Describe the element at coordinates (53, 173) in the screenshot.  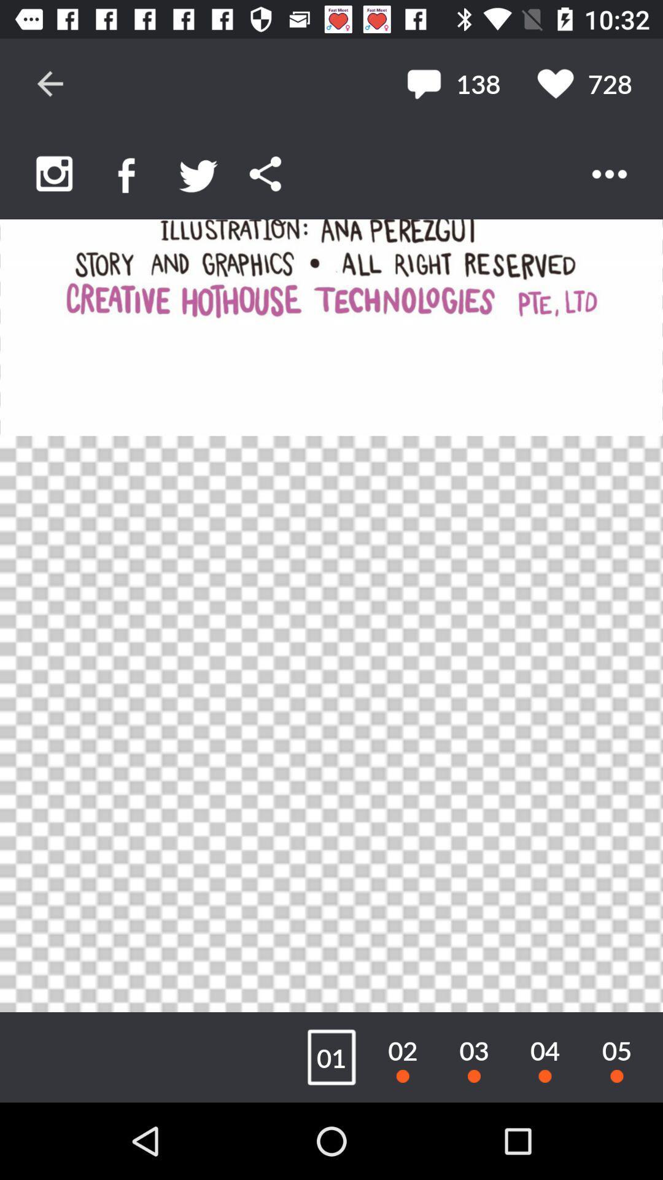
I see `open instagram page` at that location.